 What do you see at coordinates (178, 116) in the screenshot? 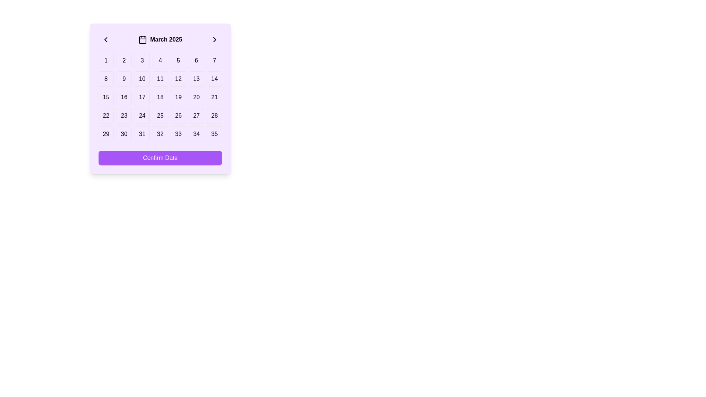
I see `the selectable calendar date representing '26' in the 4th row and 5th column of the calendar grid` at bounding box center [178, 116].